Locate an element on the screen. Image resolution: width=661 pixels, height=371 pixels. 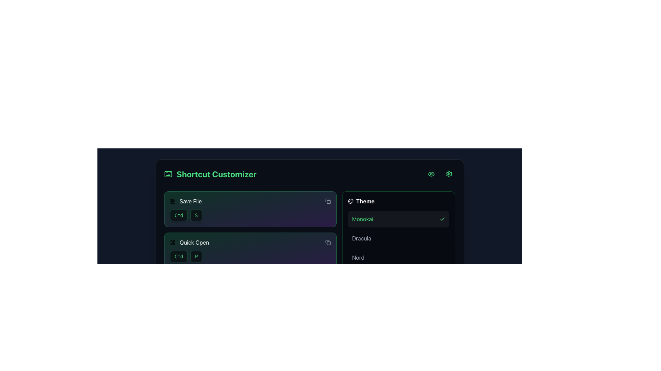
the green checkmark icon located at the right end of the list item labeled 'Monokai', which indicates selection status for this theme is located at coordinates (442, 219).